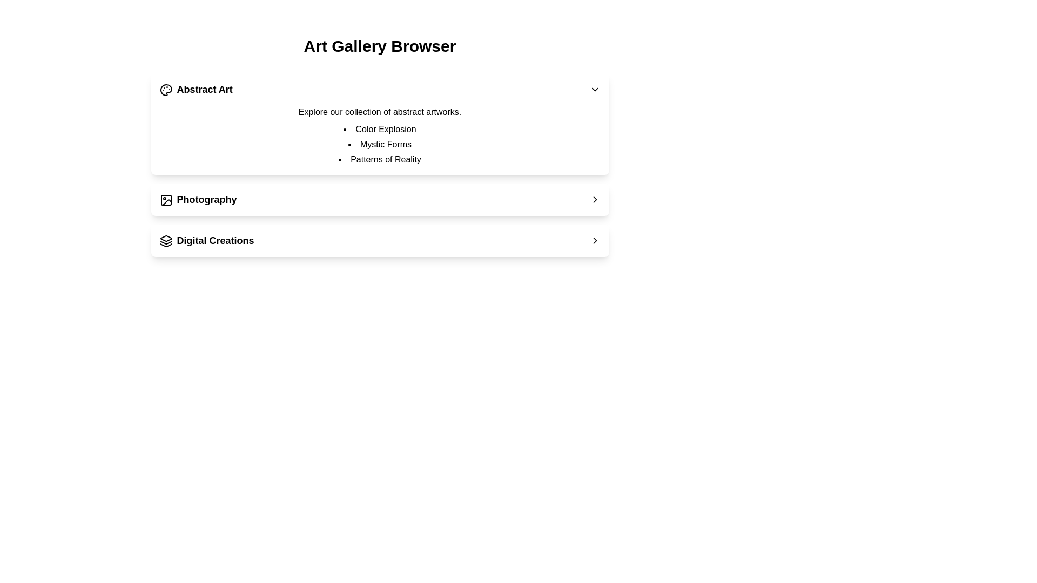 Image resolution: width=1037 pixels, height=583 pixels. I want to click on the icon of the category header for Abstract Art, so click(165, 90).